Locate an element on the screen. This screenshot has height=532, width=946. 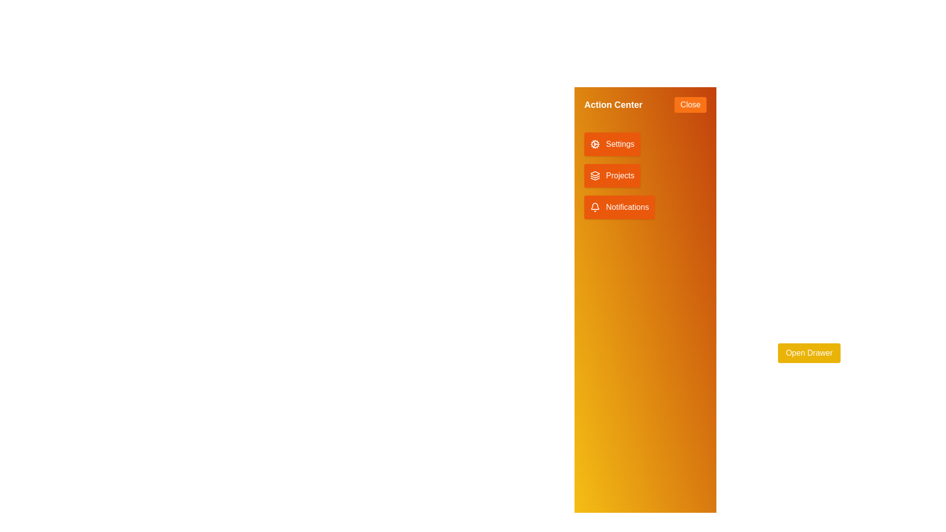
the 'Notifications' button to view notifications is located at coordinates (619, 206).